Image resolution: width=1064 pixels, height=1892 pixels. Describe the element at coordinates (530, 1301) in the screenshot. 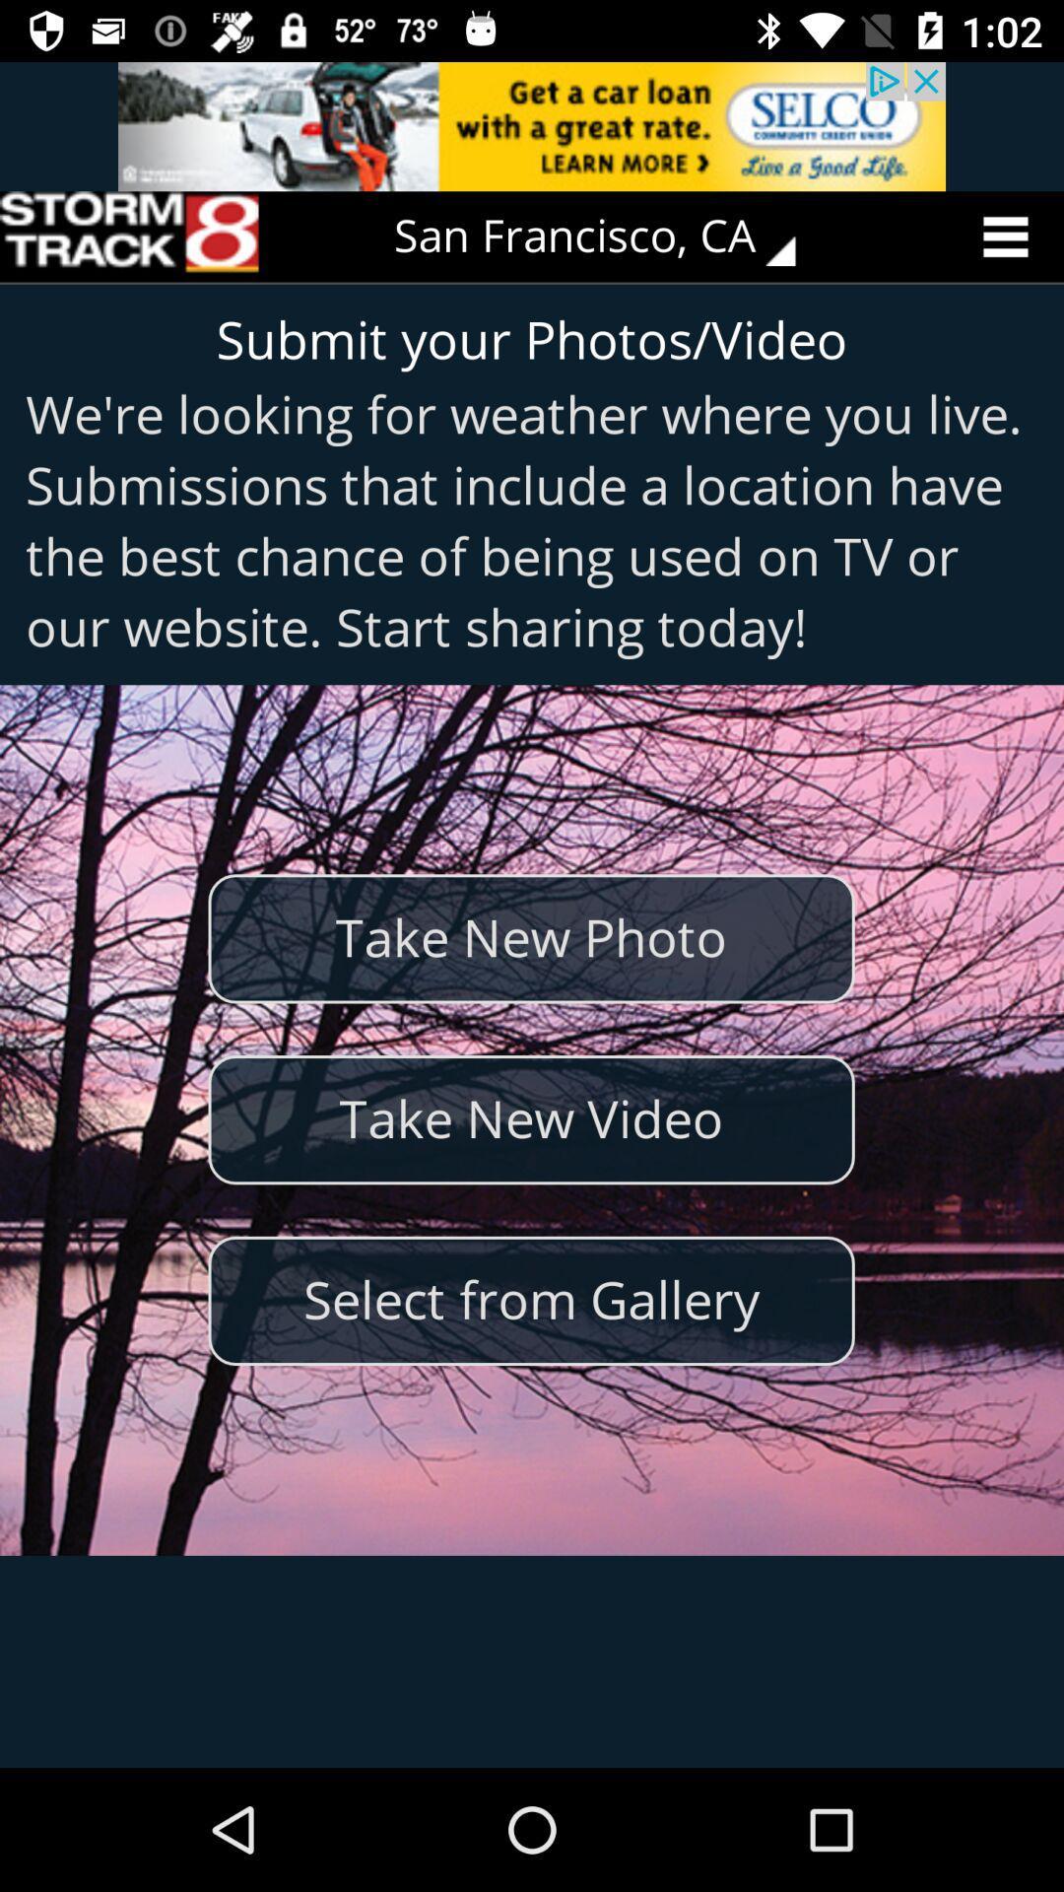

I see `item below the take new video` at that location.